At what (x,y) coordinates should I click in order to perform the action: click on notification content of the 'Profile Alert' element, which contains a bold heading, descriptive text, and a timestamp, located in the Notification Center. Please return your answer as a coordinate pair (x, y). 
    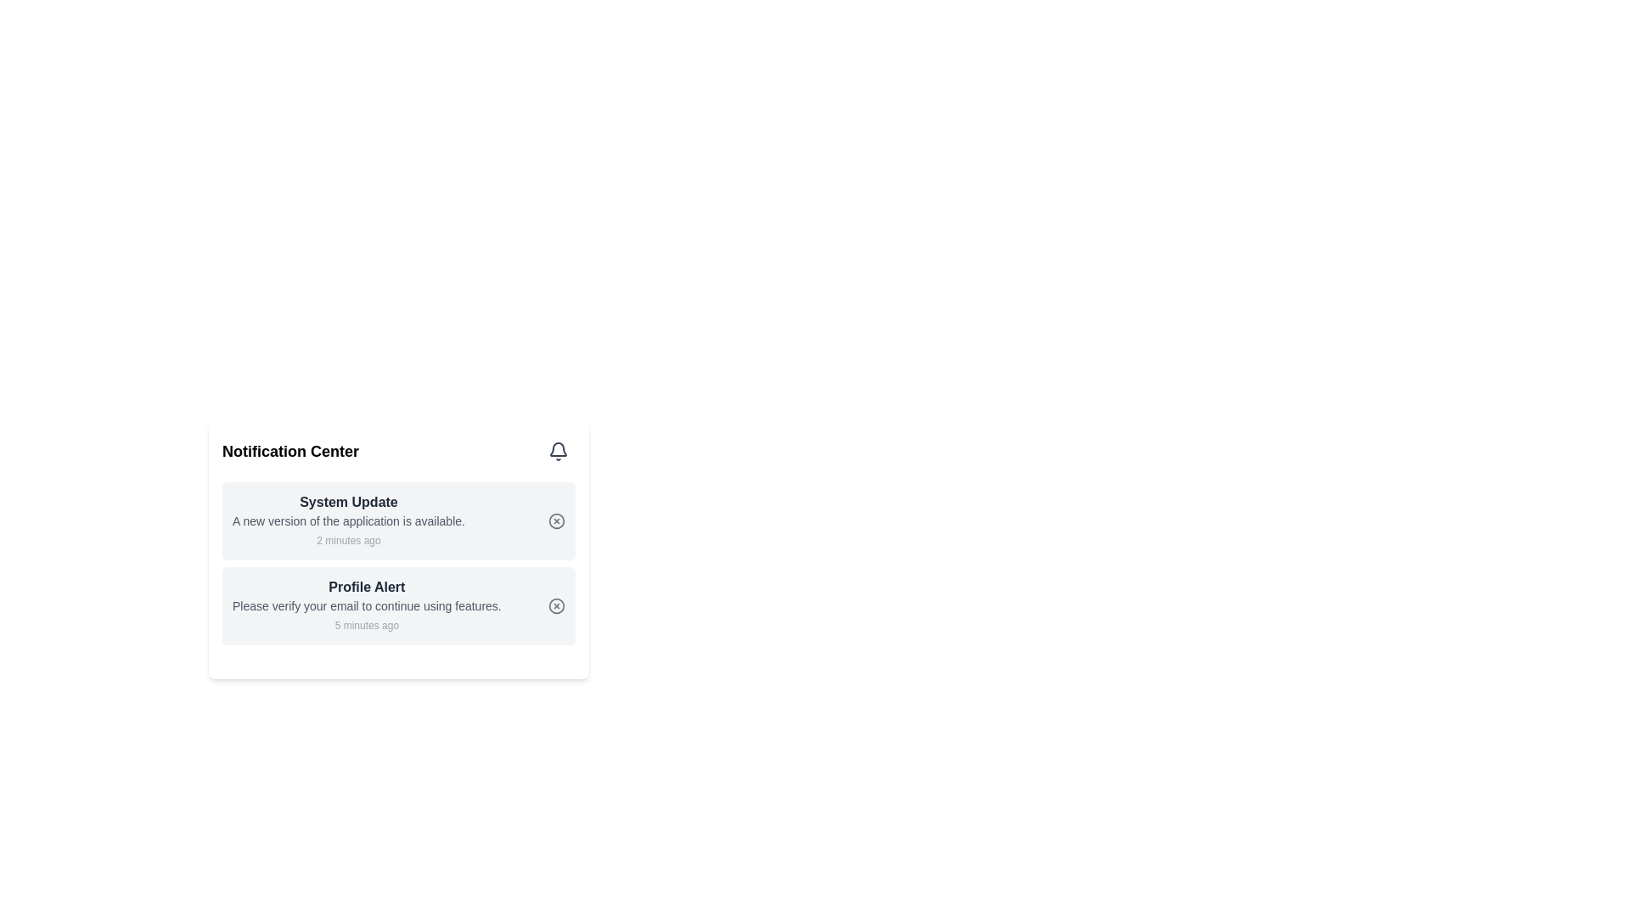
    Looking at the image, I should click on (366, 605).